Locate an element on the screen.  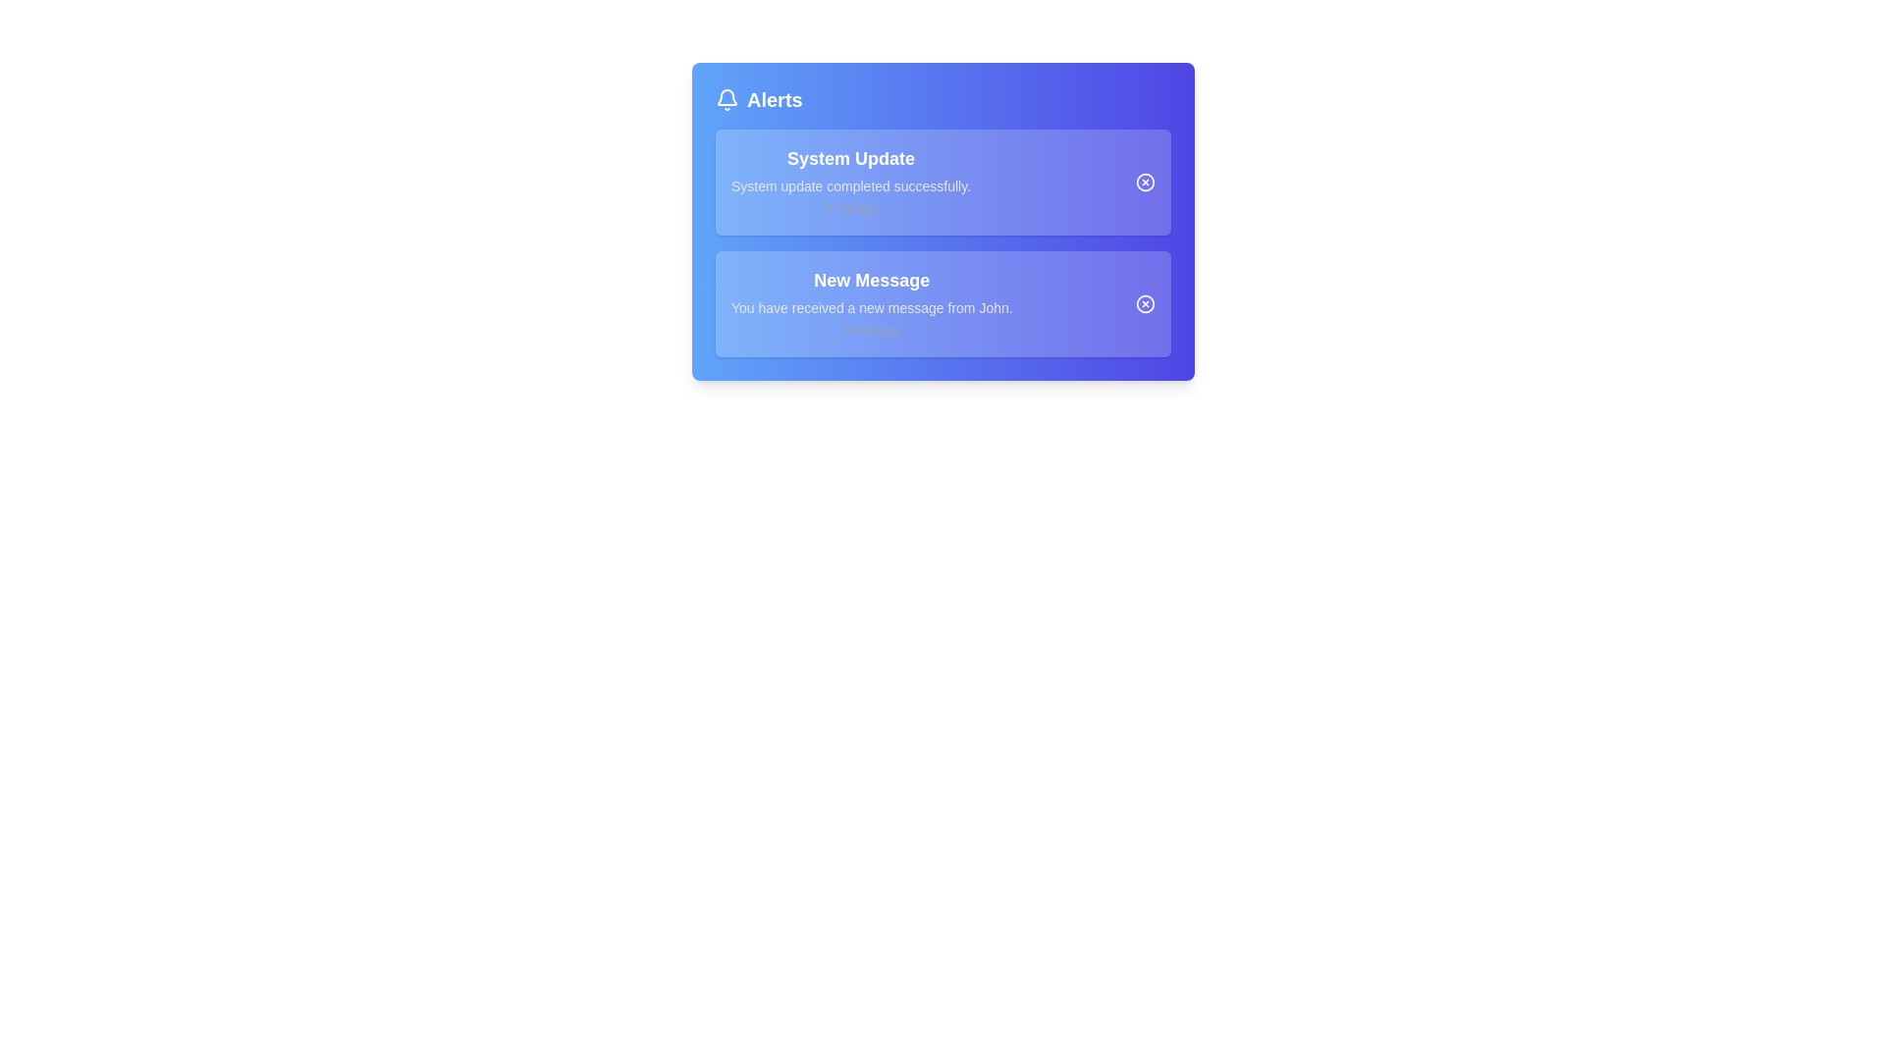
message from the Text Label that displays 'System update completed successfully.' located under the title within the 'System Update' alert card is located at coordinates (851, 185).